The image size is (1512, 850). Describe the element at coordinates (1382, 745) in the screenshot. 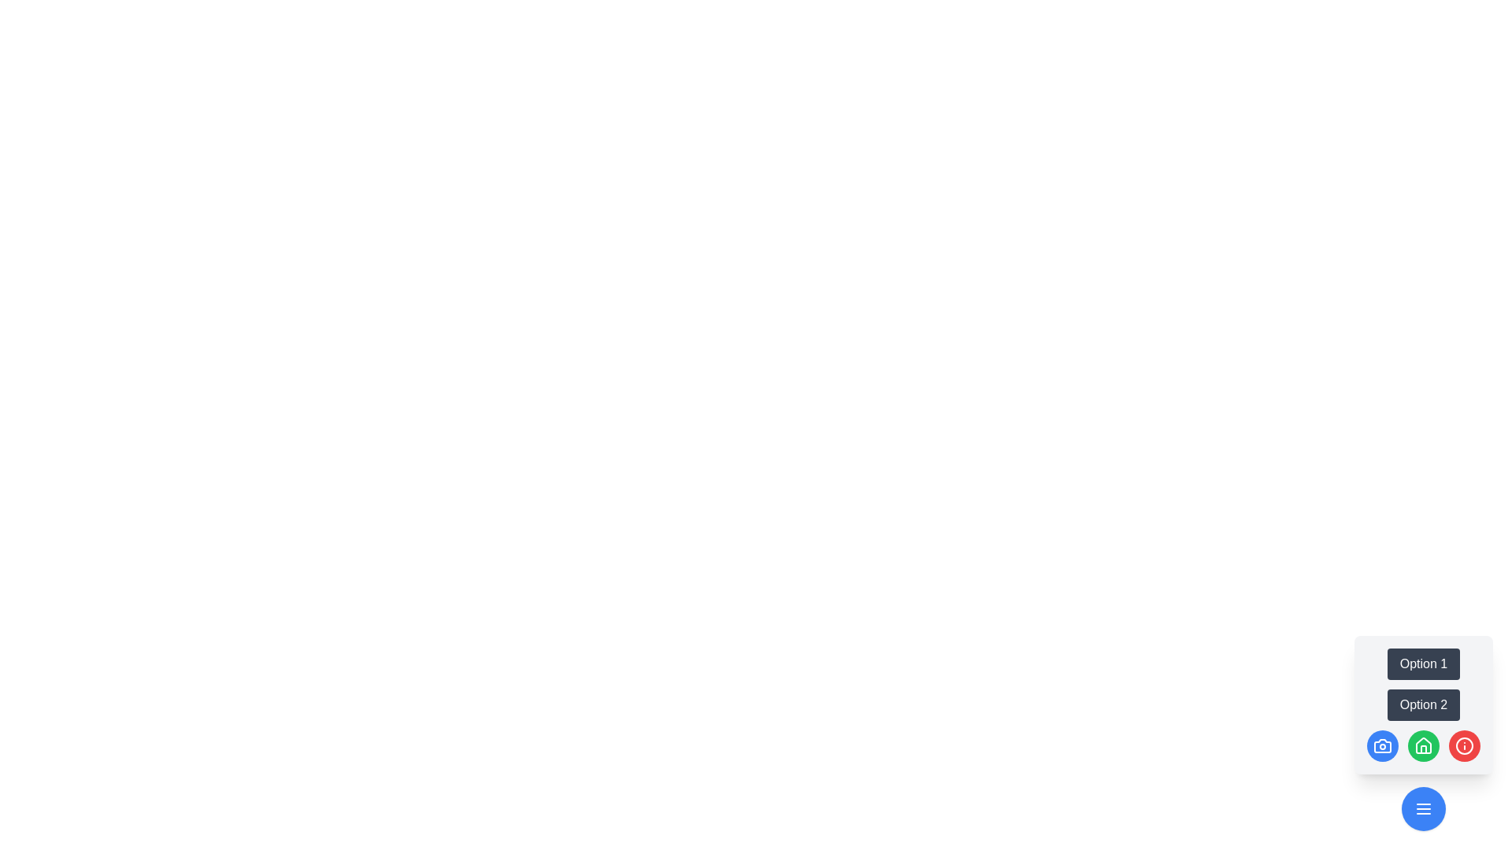

I see `the camera icon button located at the bottom-left corner of the floating panel` at that location.